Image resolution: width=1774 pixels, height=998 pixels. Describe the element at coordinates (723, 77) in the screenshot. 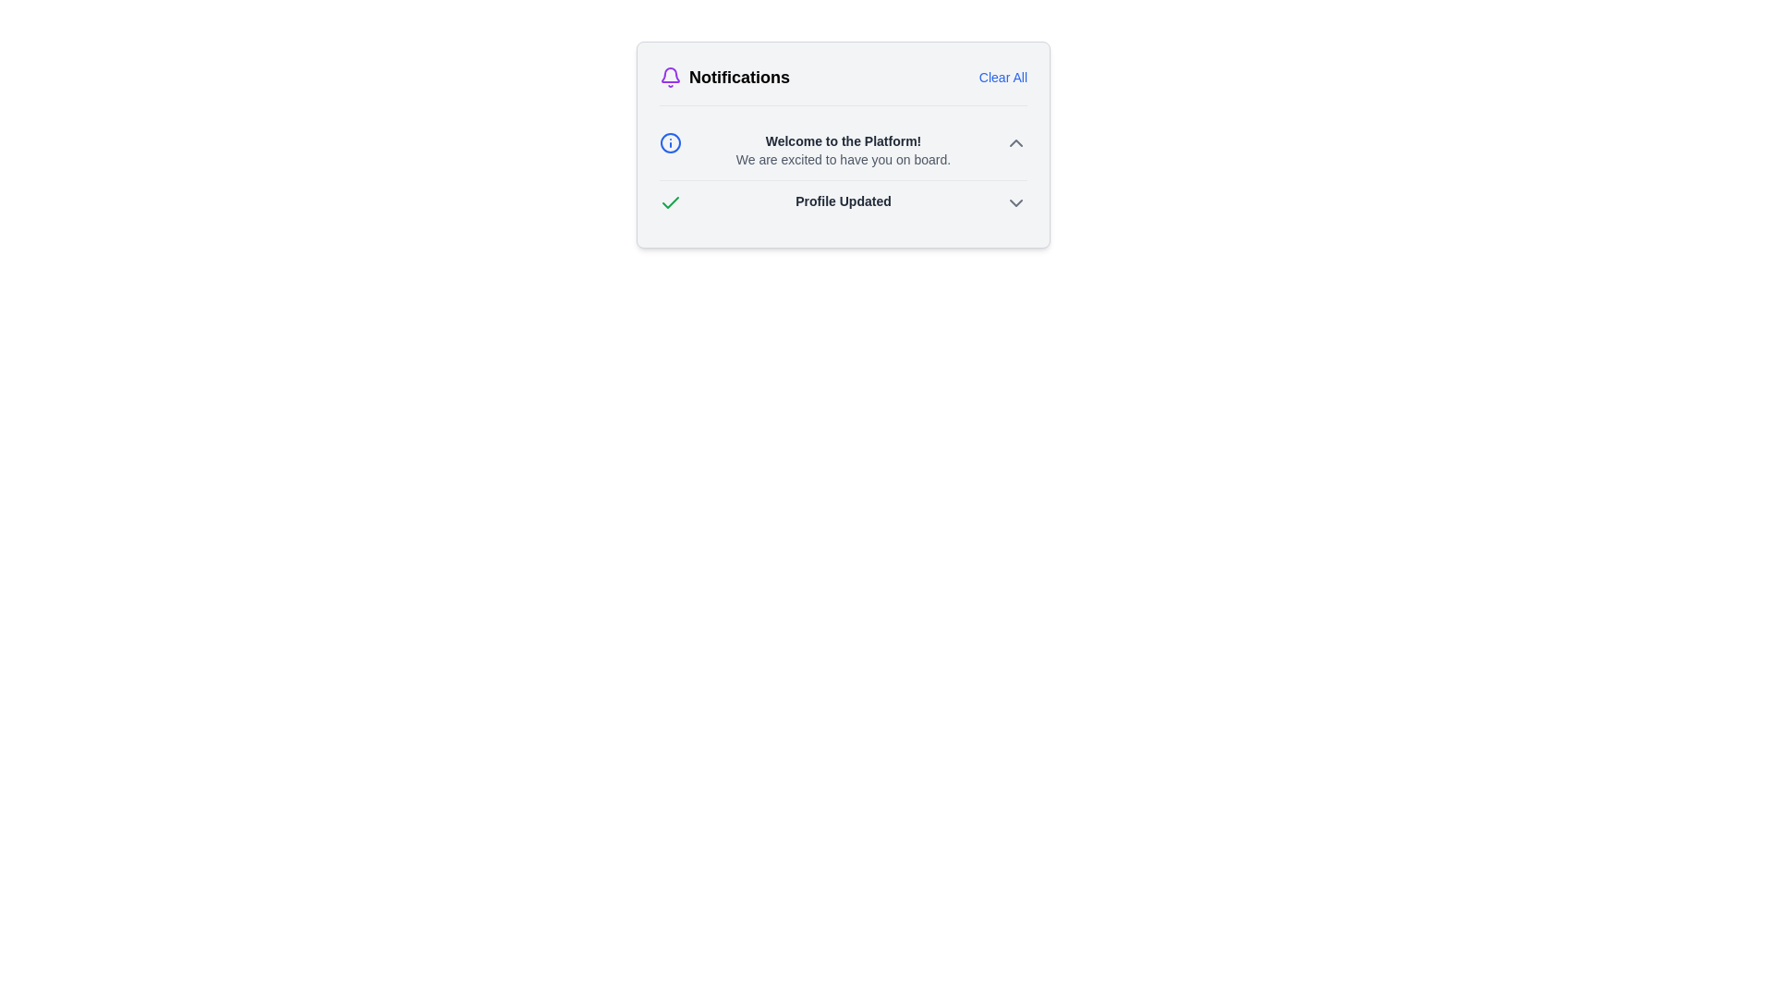

I see `text of the 'Notifications' section title, which is styled in bold and accompanied by a purple notification bell icon, located at the top-left of the section header` at that location.